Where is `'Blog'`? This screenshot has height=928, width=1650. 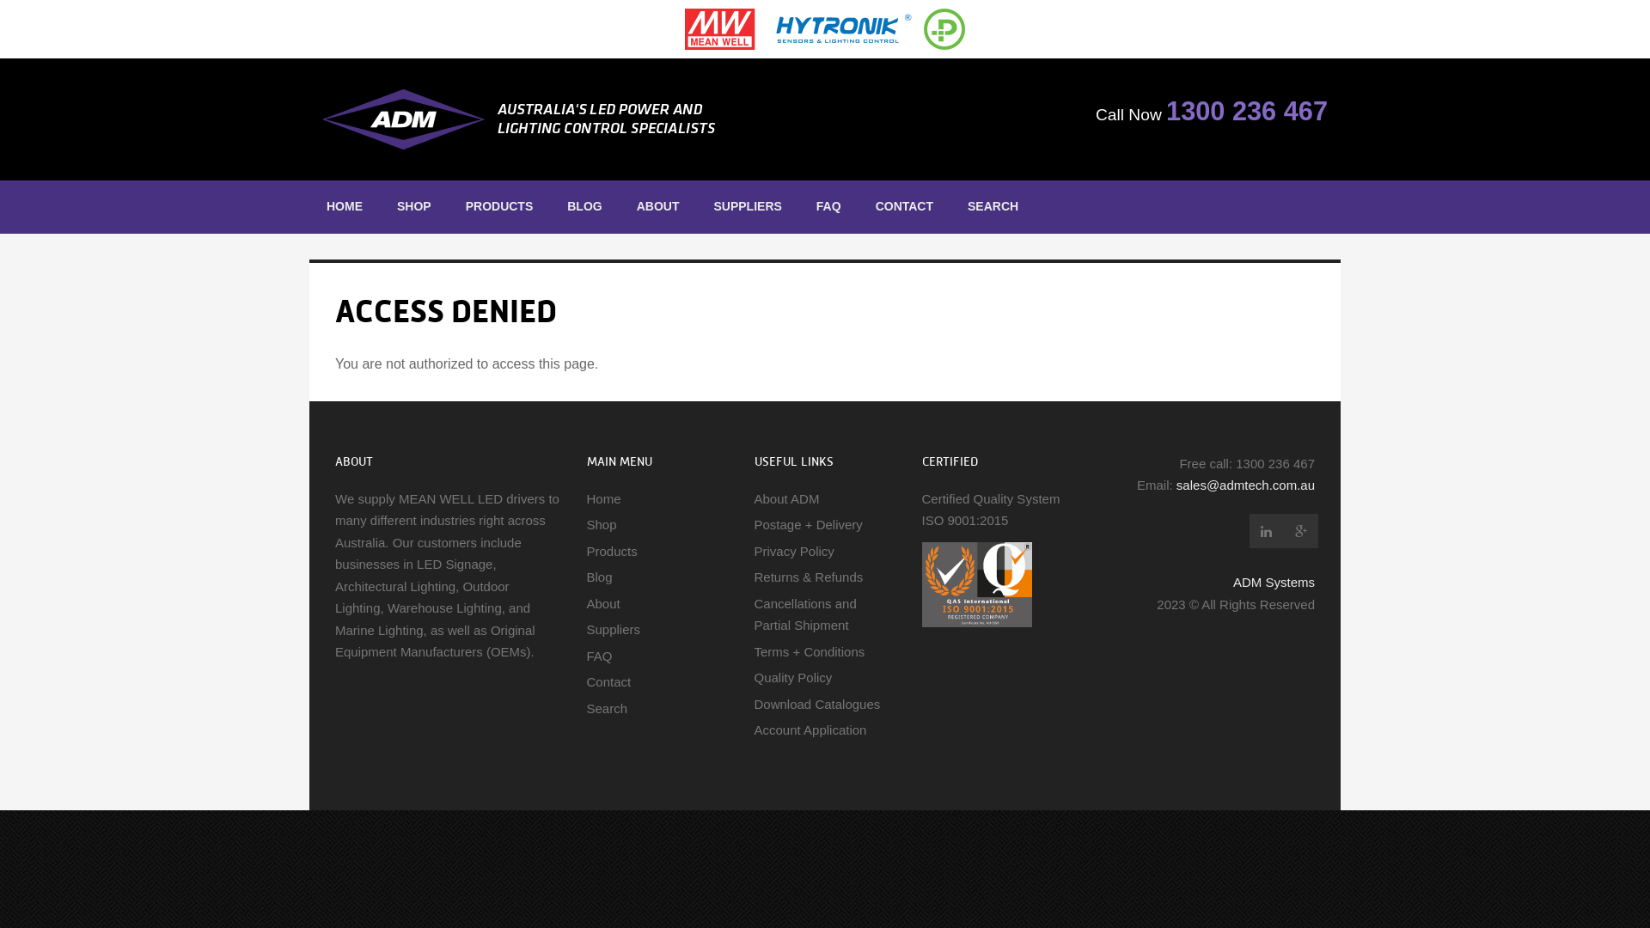
'Blog' is located at coordinates (585, 577).